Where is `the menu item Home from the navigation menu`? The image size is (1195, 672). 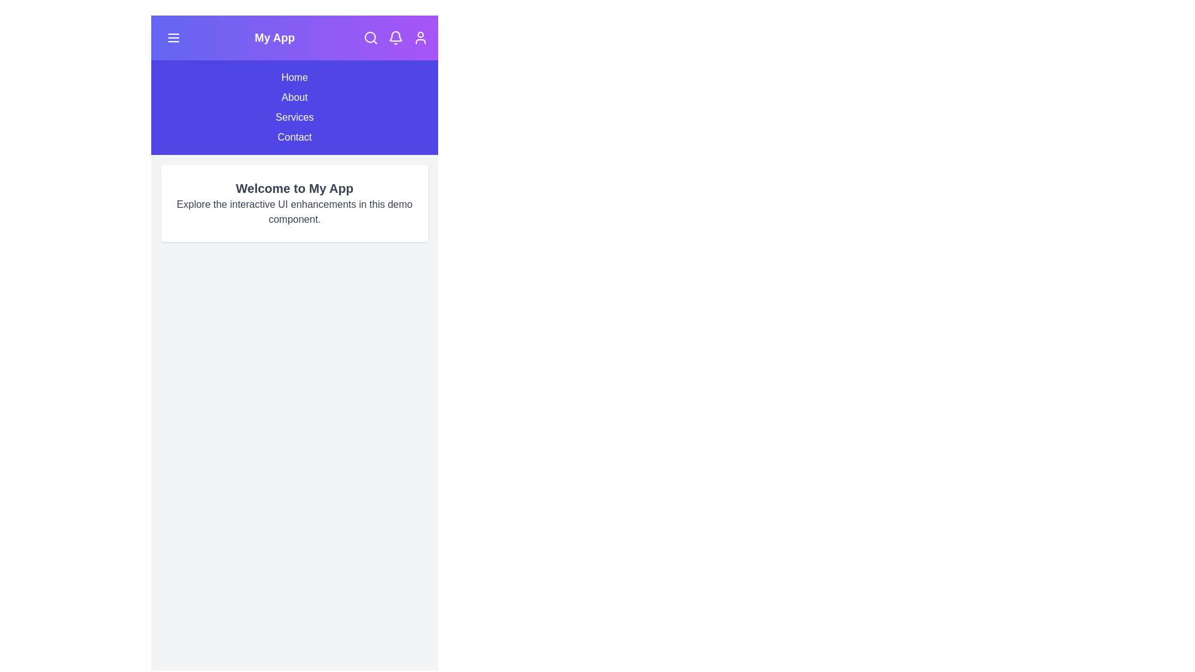 the menu item Home from the navigation menu is located at coordinates (294, 77).